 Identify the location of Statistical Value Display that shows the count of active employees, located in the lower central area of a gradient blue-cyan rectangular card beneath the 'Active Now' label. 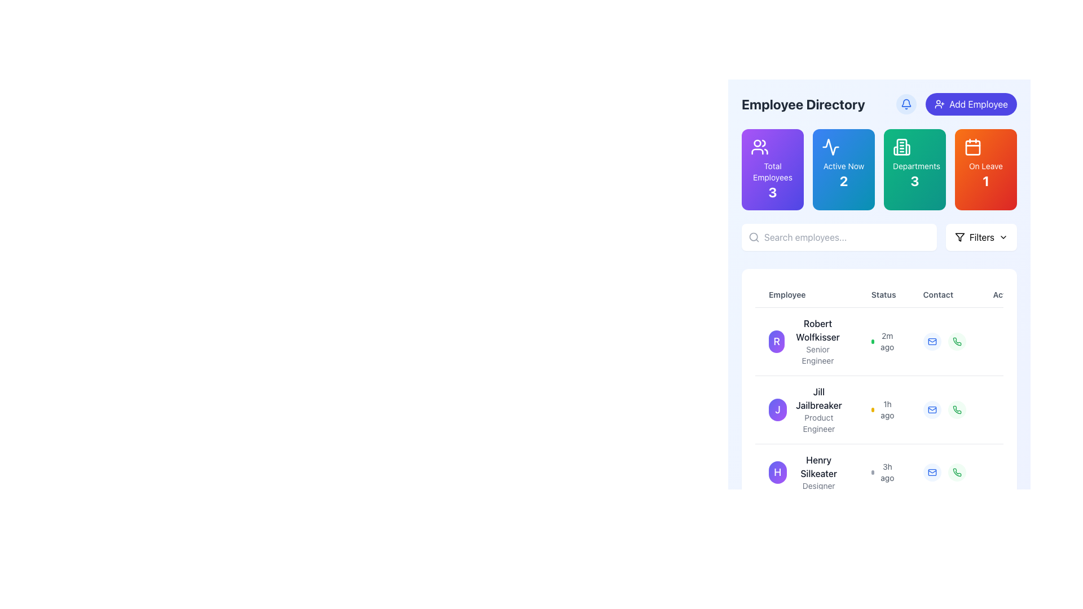
(844, 180).